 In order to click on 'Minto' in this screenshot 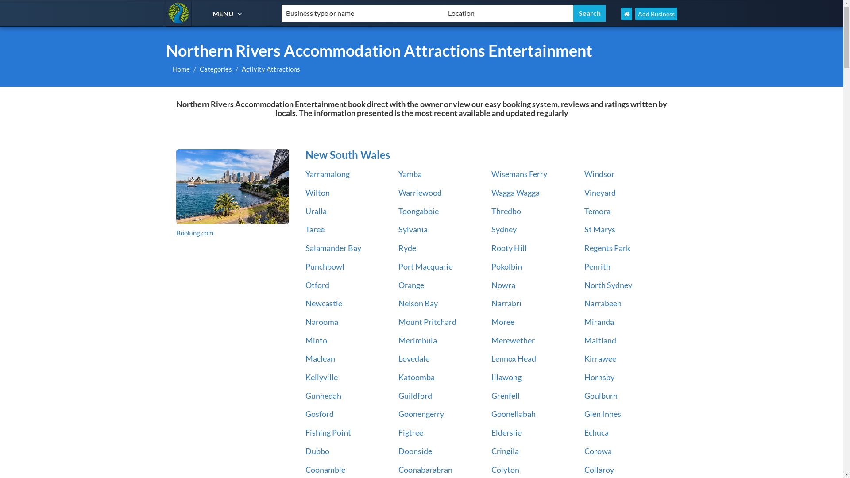, I will do `click(316, 339)`.